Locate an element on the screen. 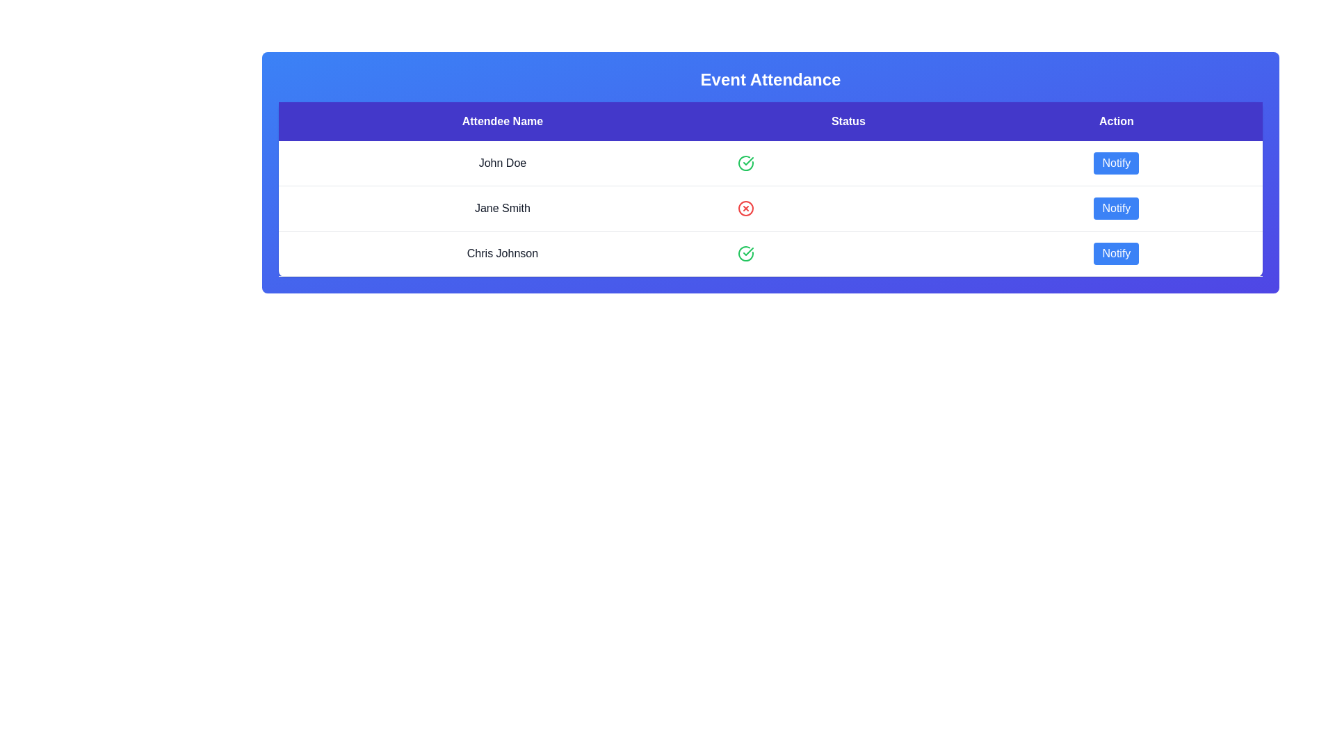 This screenshot has height=751, width=1335. 'Notify' button for the attendee specified by Chris Johnson is located at coordinates (1116, 254).